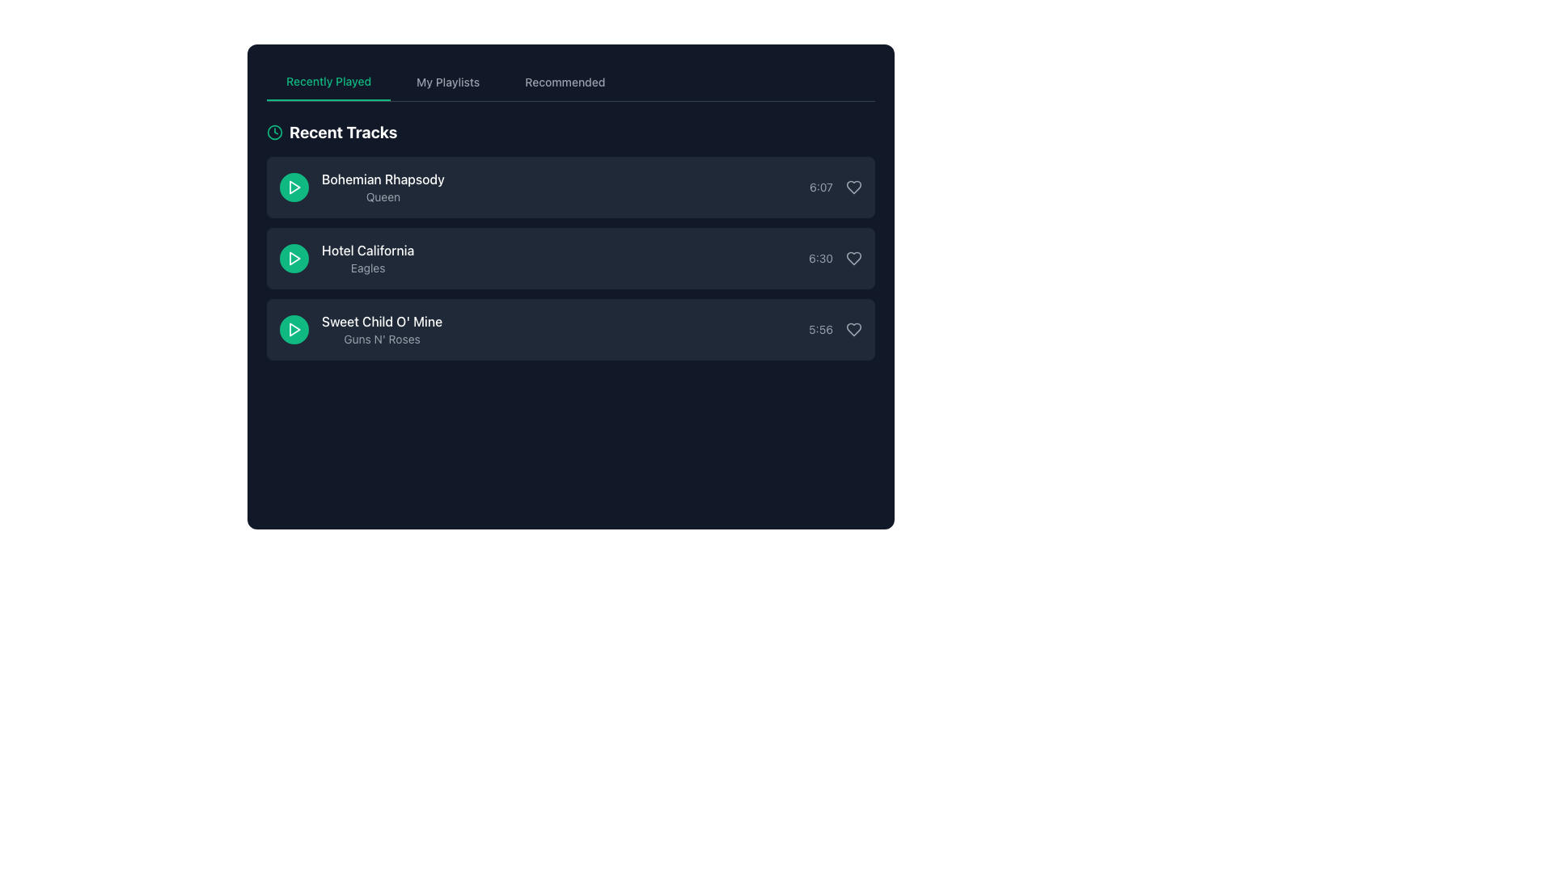  Describe the element at coordinates (570, 258) in the screenshot. I see `and drag the interactive list item (track detail) for 'Hotel California' to reorder it in the 'Recent Tracks' section` at that location.